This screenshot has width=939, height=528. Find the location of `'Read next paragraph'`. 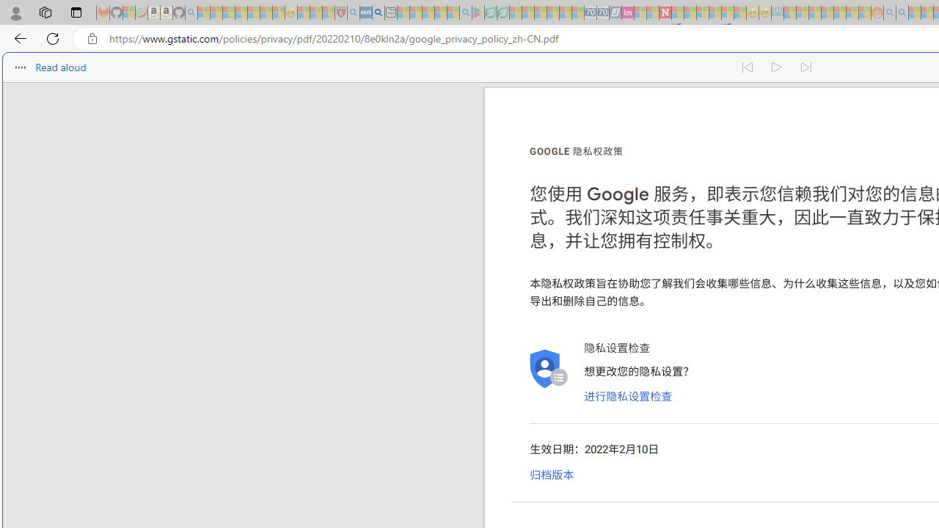

'Read next paragraph' is located at coordinates (805, 67).